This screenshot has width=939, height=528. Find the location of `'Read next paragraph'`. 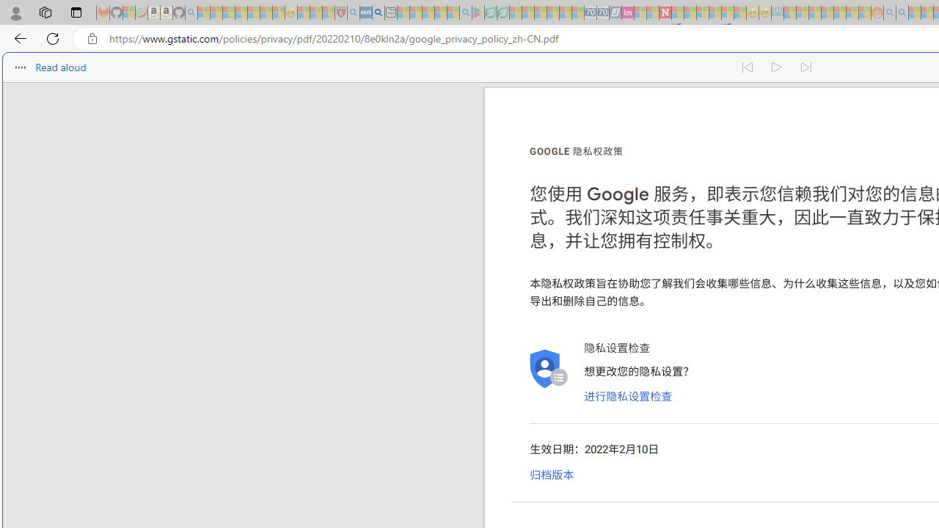

'Read next paragraph' is located at coordinates (805, 67).